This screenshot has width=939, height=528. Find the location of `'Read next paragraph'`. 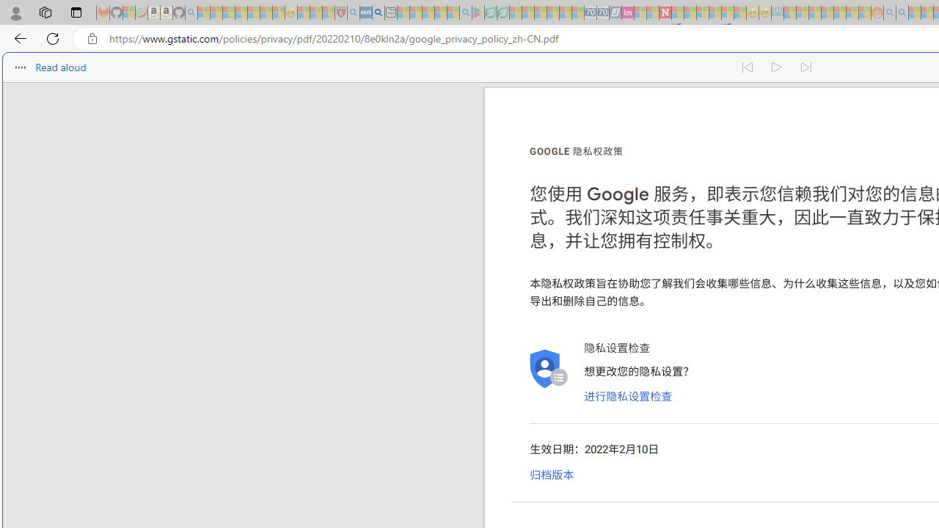

'Read next paragraph' is located at coordinates (805, 67).